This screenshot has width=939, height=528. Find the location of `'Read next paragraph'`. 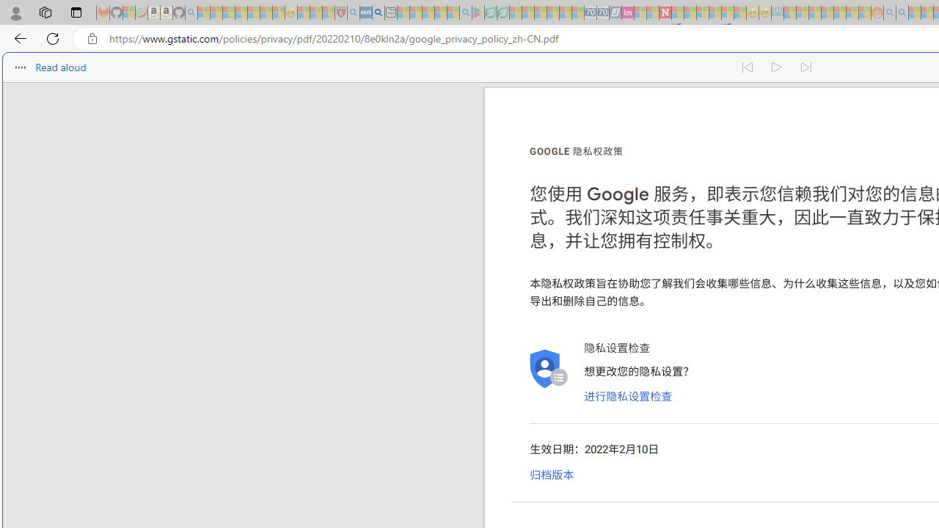

'Read next paragraph' is located at coordinates (805, 67).